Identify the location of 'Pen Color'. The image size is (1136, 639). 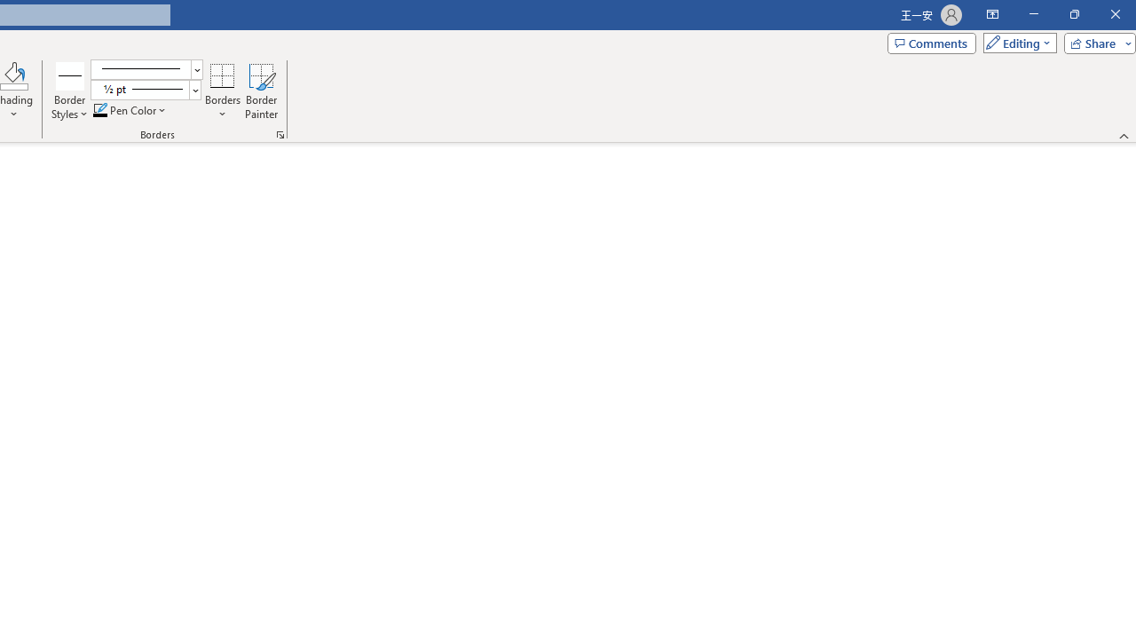
(130, 110).